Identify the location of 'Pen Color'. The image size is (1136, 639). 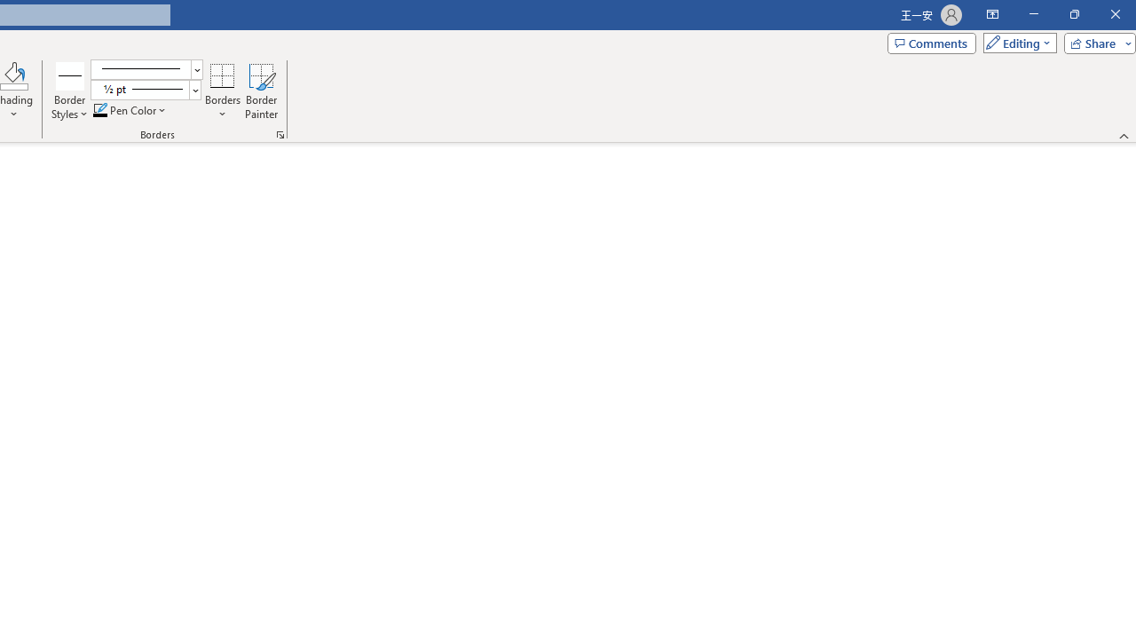
(130, 110).